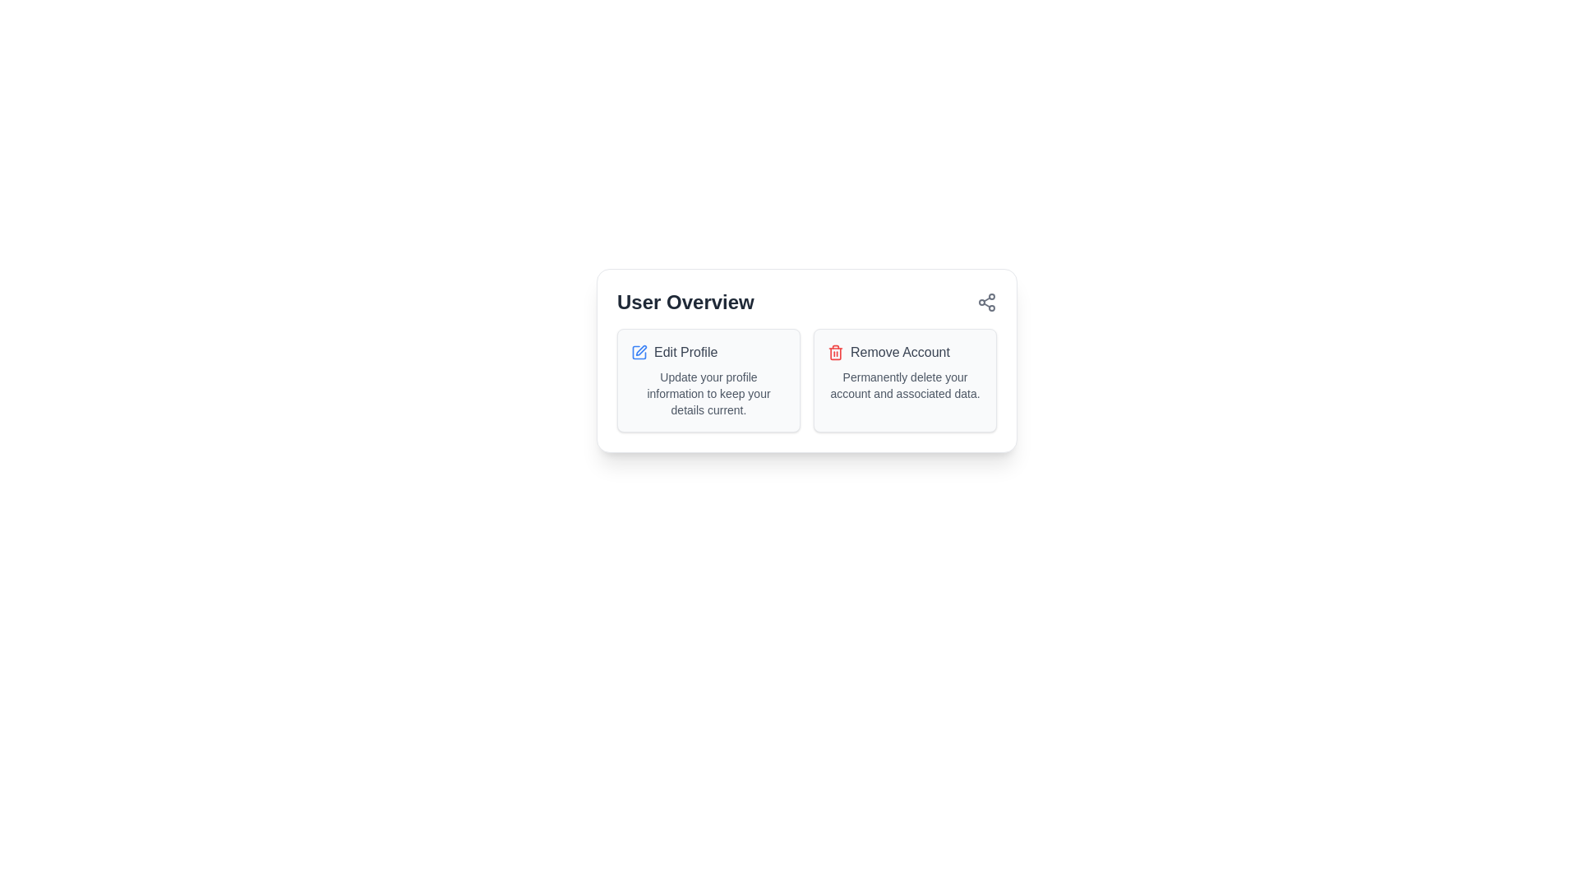 This screenshot has width=1578, height=888. Describe the element at coordinates (836, 351) in the screenshot. I see `the red trash bin SVG icon located next to the text 'Remove Account' within its button` at that location.